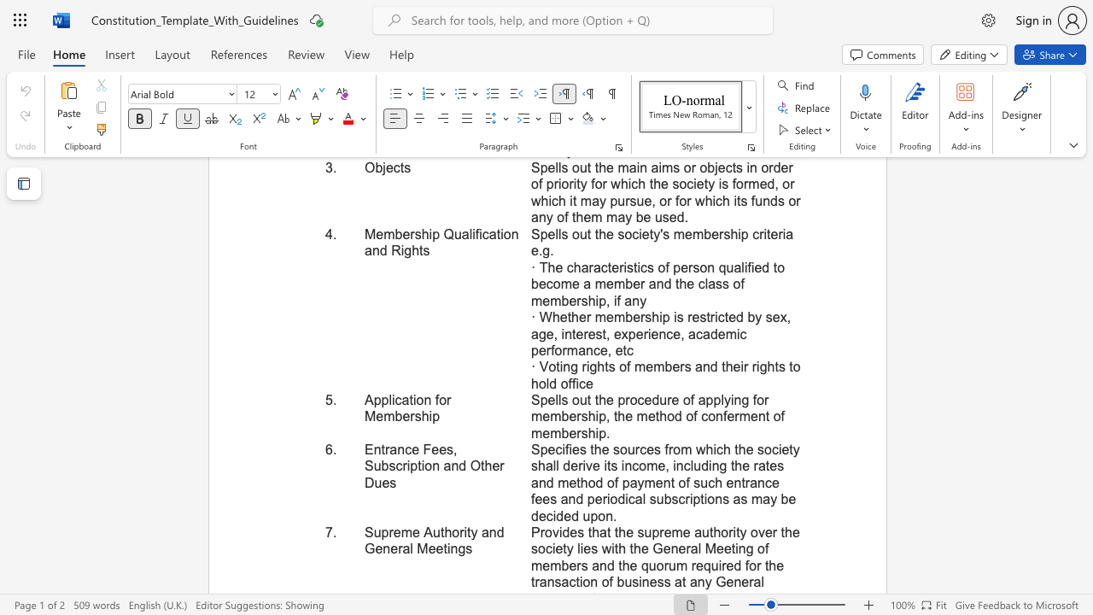  I want to click on the subset text "y and General Meetin" within the text "Supreme Authority and General Meetings", so click(471, 531).